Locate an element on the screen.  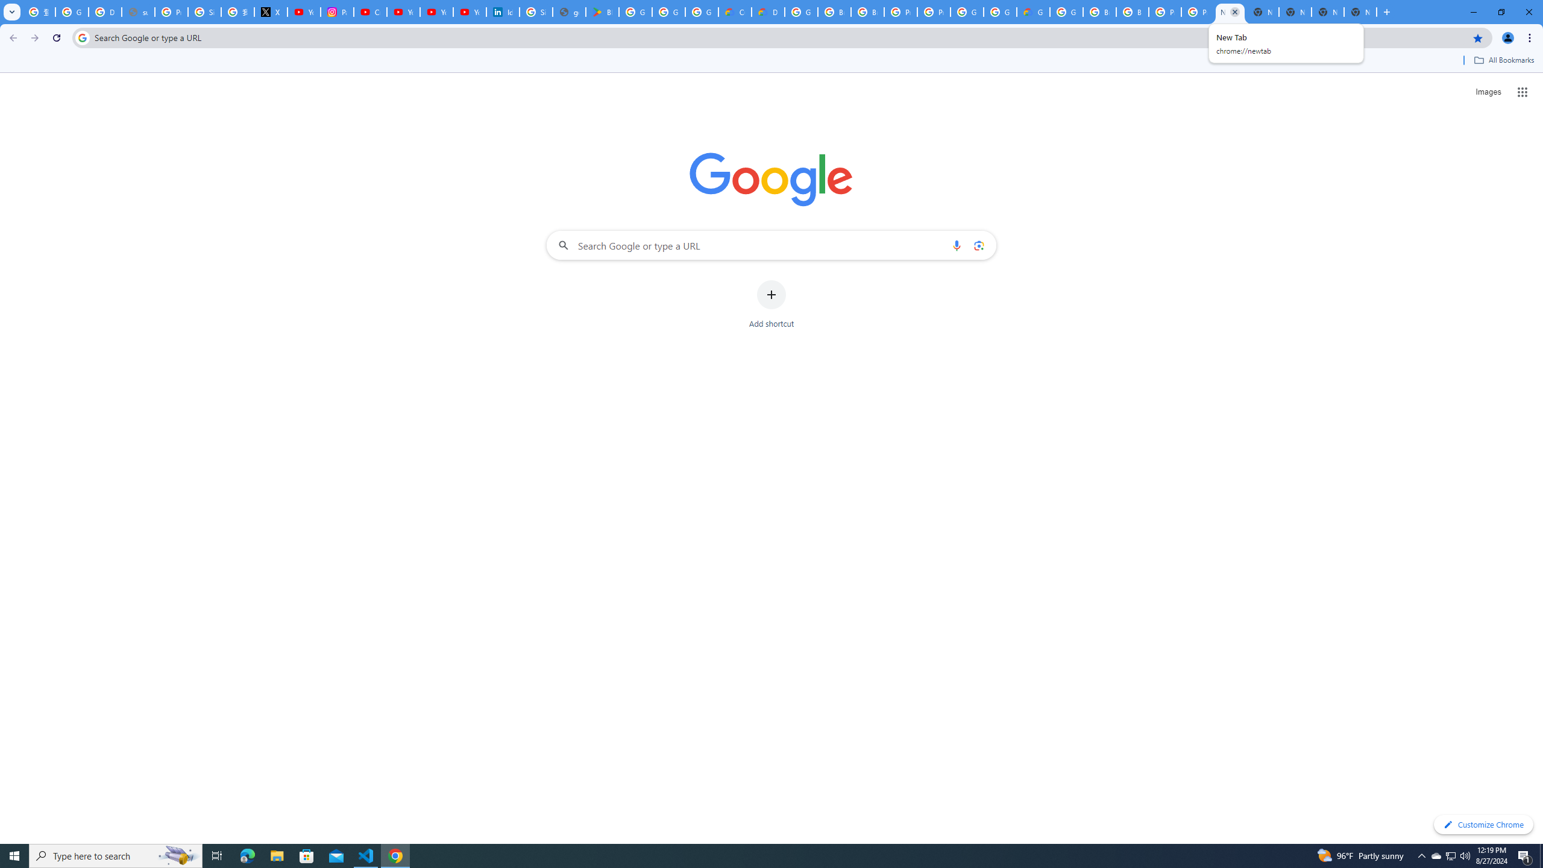
'Google Workspace - Specific Terms' is located at coordinates (701, 11).